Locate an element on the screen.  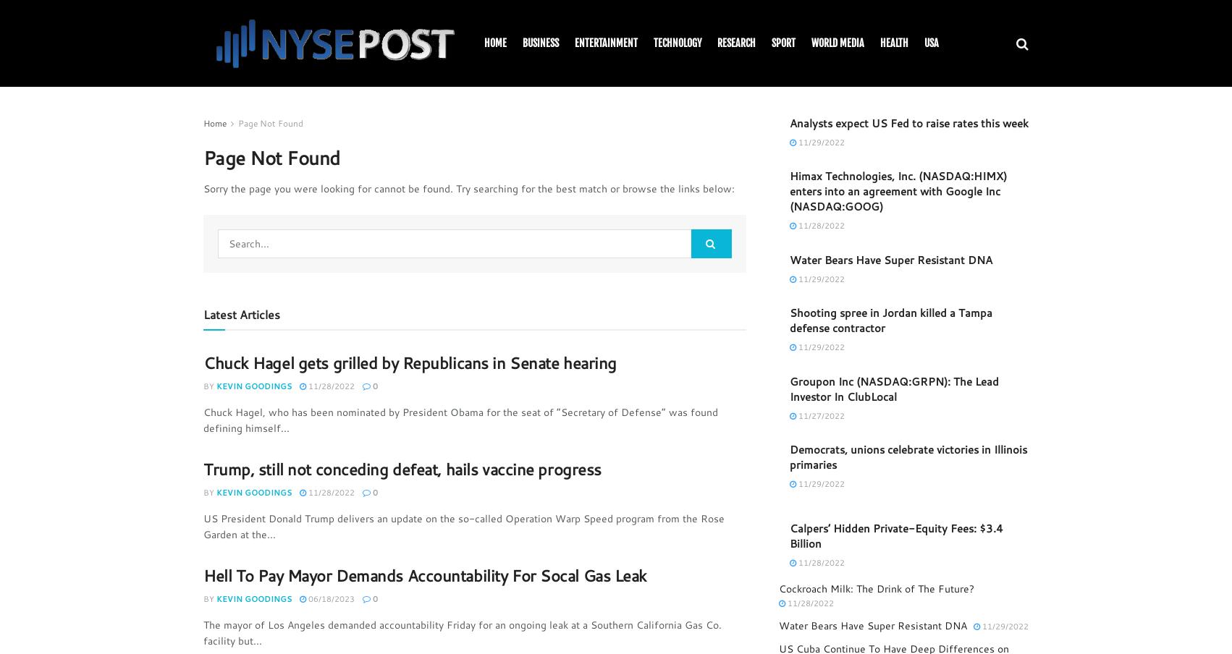
'The mayor of Los Angeles demanded accountability Friday for an ongoing leak at a Southern California Gas Co. facility but...' is located at coordinates (462, 632).